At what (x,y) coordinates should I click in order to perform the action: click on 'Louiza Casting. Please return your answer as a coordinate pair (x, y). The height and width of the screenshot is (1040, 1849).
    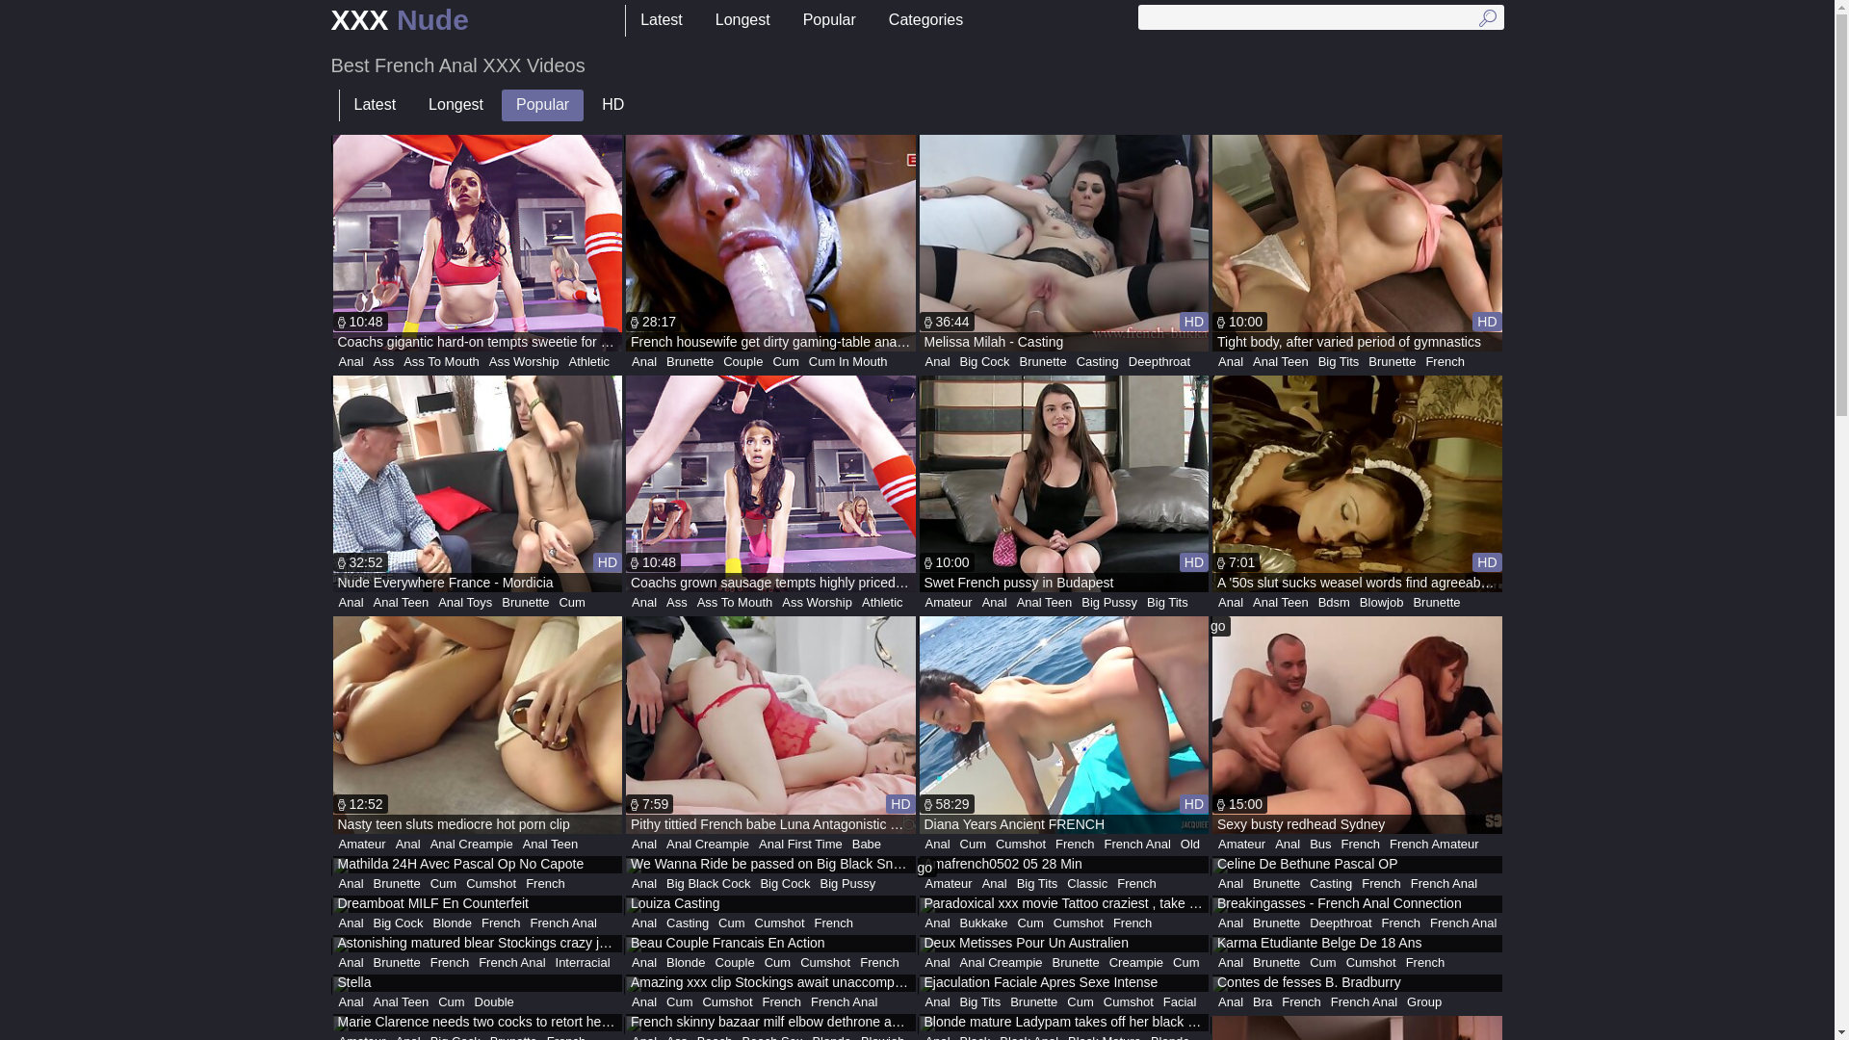
    Looking at the image, I should click on (770, 905).